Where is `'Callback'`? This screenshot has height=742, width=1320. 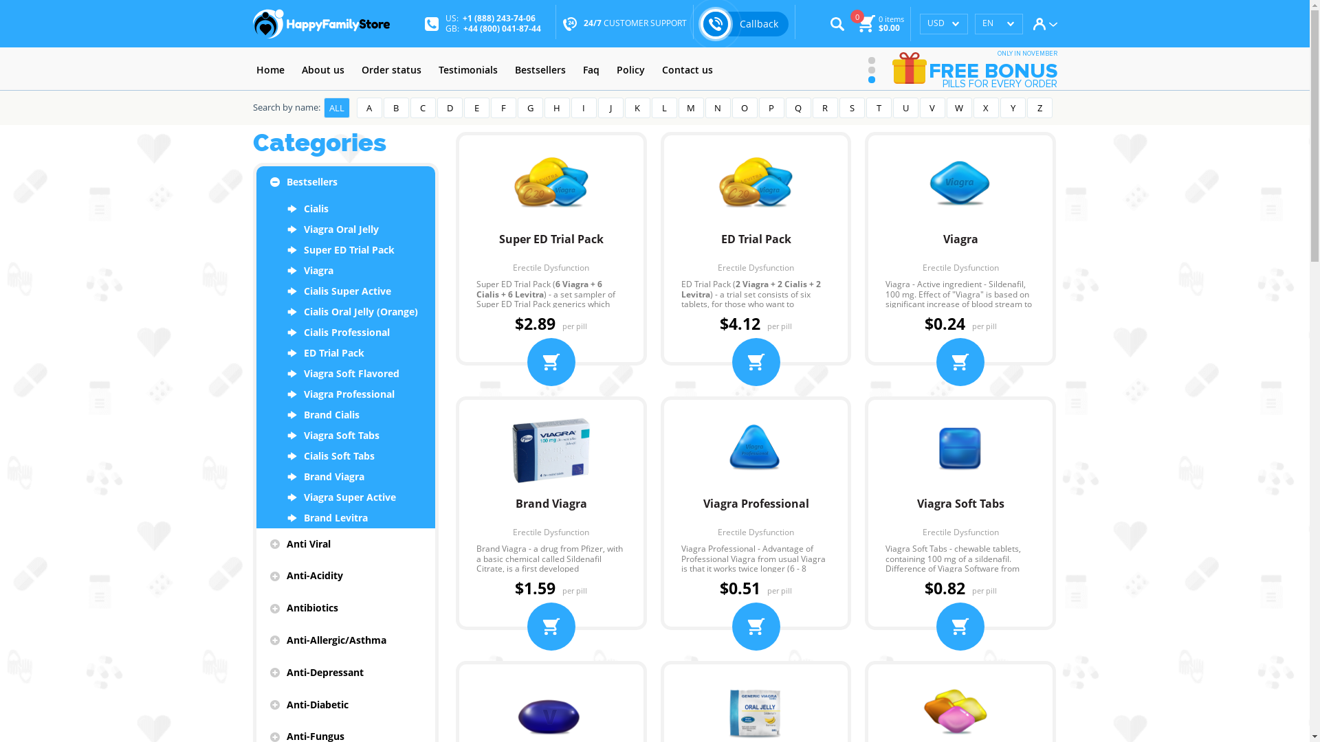 'Callback' is located at coordinates (700, 23).